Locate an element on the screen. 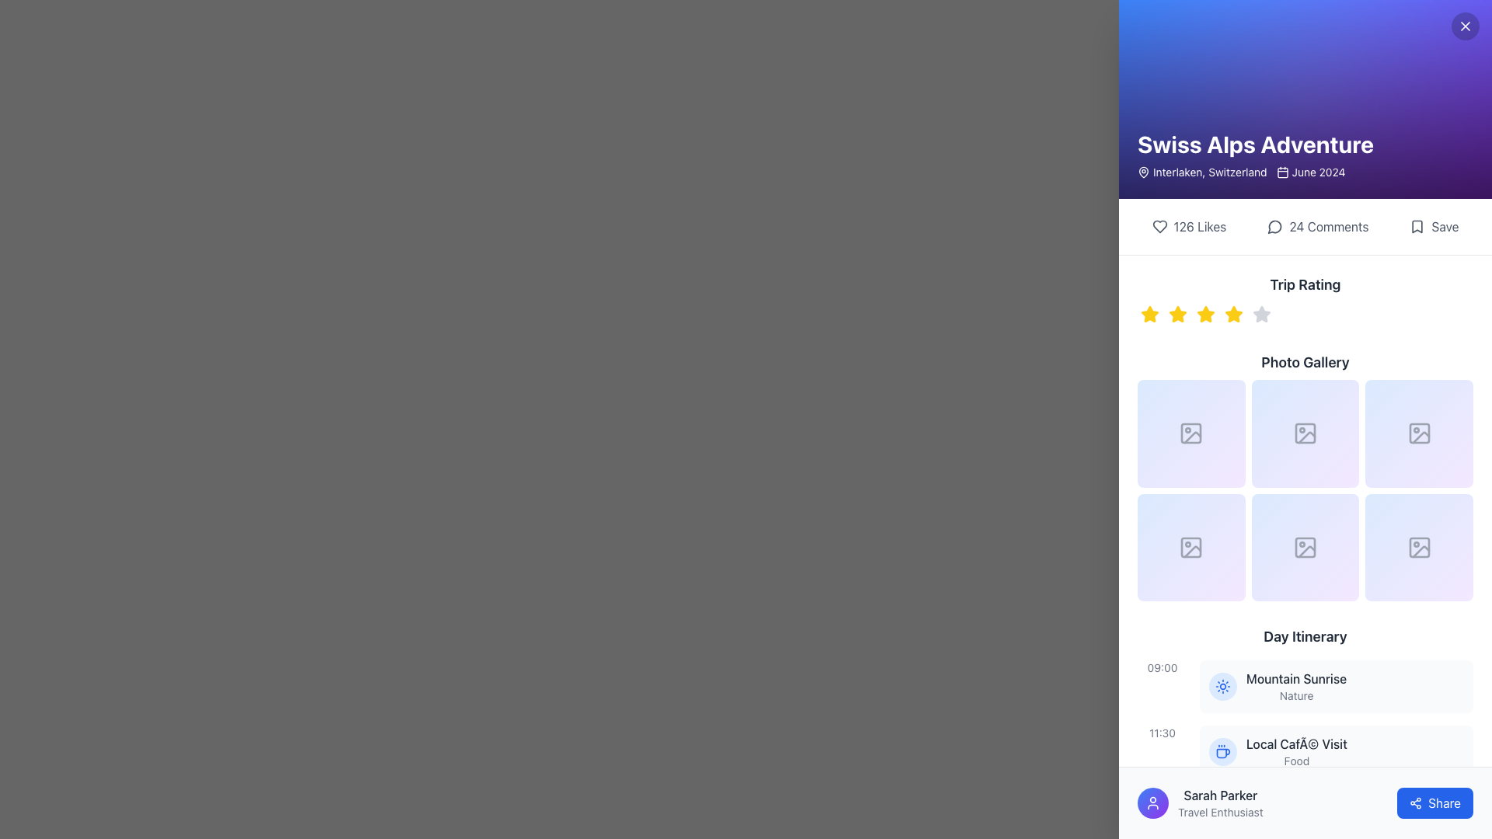 This screenshot has height=839, width=1492. the rectangular placeholder for image content located in the 'Photo Gallery' component is located at coordinates (1305, 547).